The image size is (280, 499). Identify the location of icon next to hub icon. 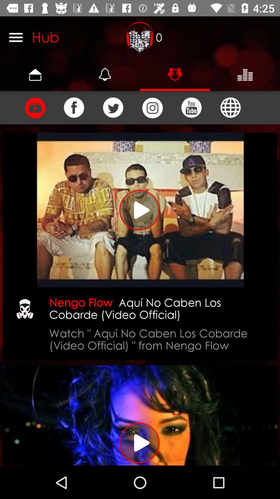
(140, 37).